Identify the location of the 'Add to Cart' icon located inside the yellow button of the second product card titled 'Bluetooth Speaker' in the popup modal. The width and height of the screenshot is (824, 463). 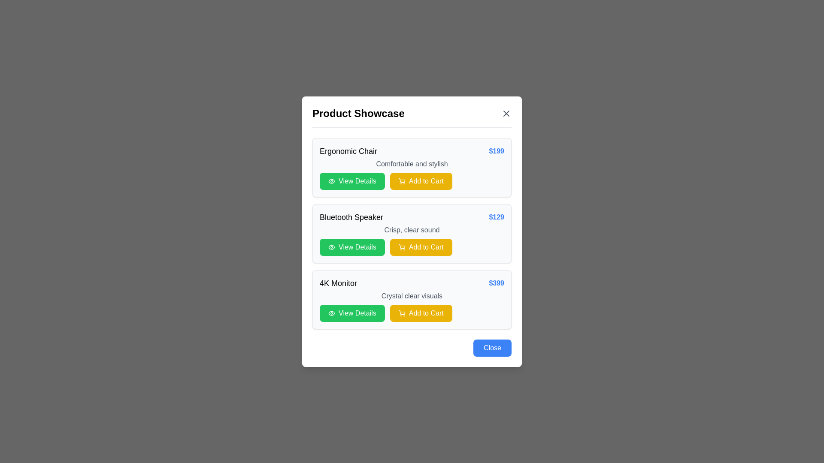
(401, 247).